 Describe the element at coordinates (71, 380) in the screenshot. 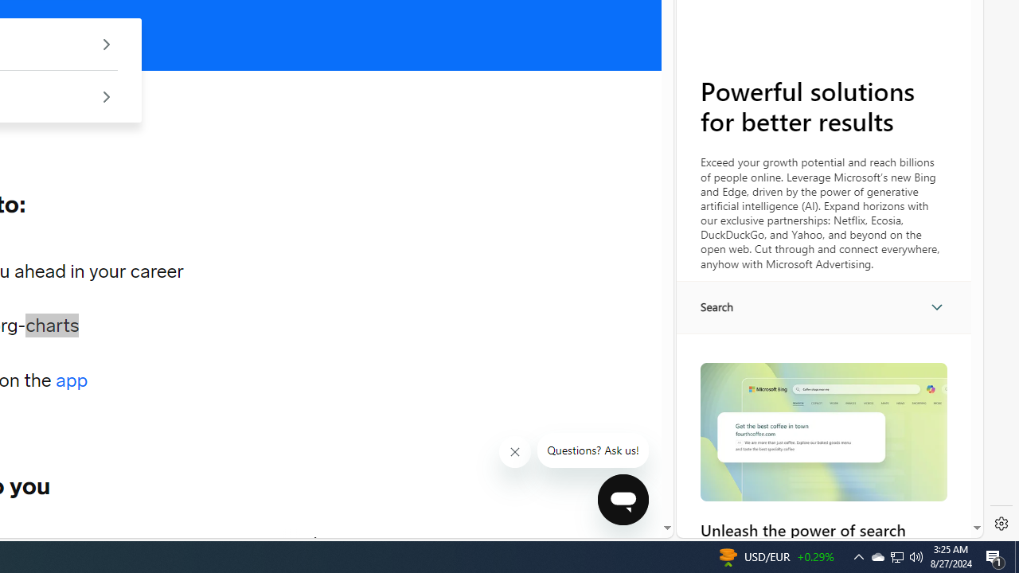

I see `'app'` at that location.